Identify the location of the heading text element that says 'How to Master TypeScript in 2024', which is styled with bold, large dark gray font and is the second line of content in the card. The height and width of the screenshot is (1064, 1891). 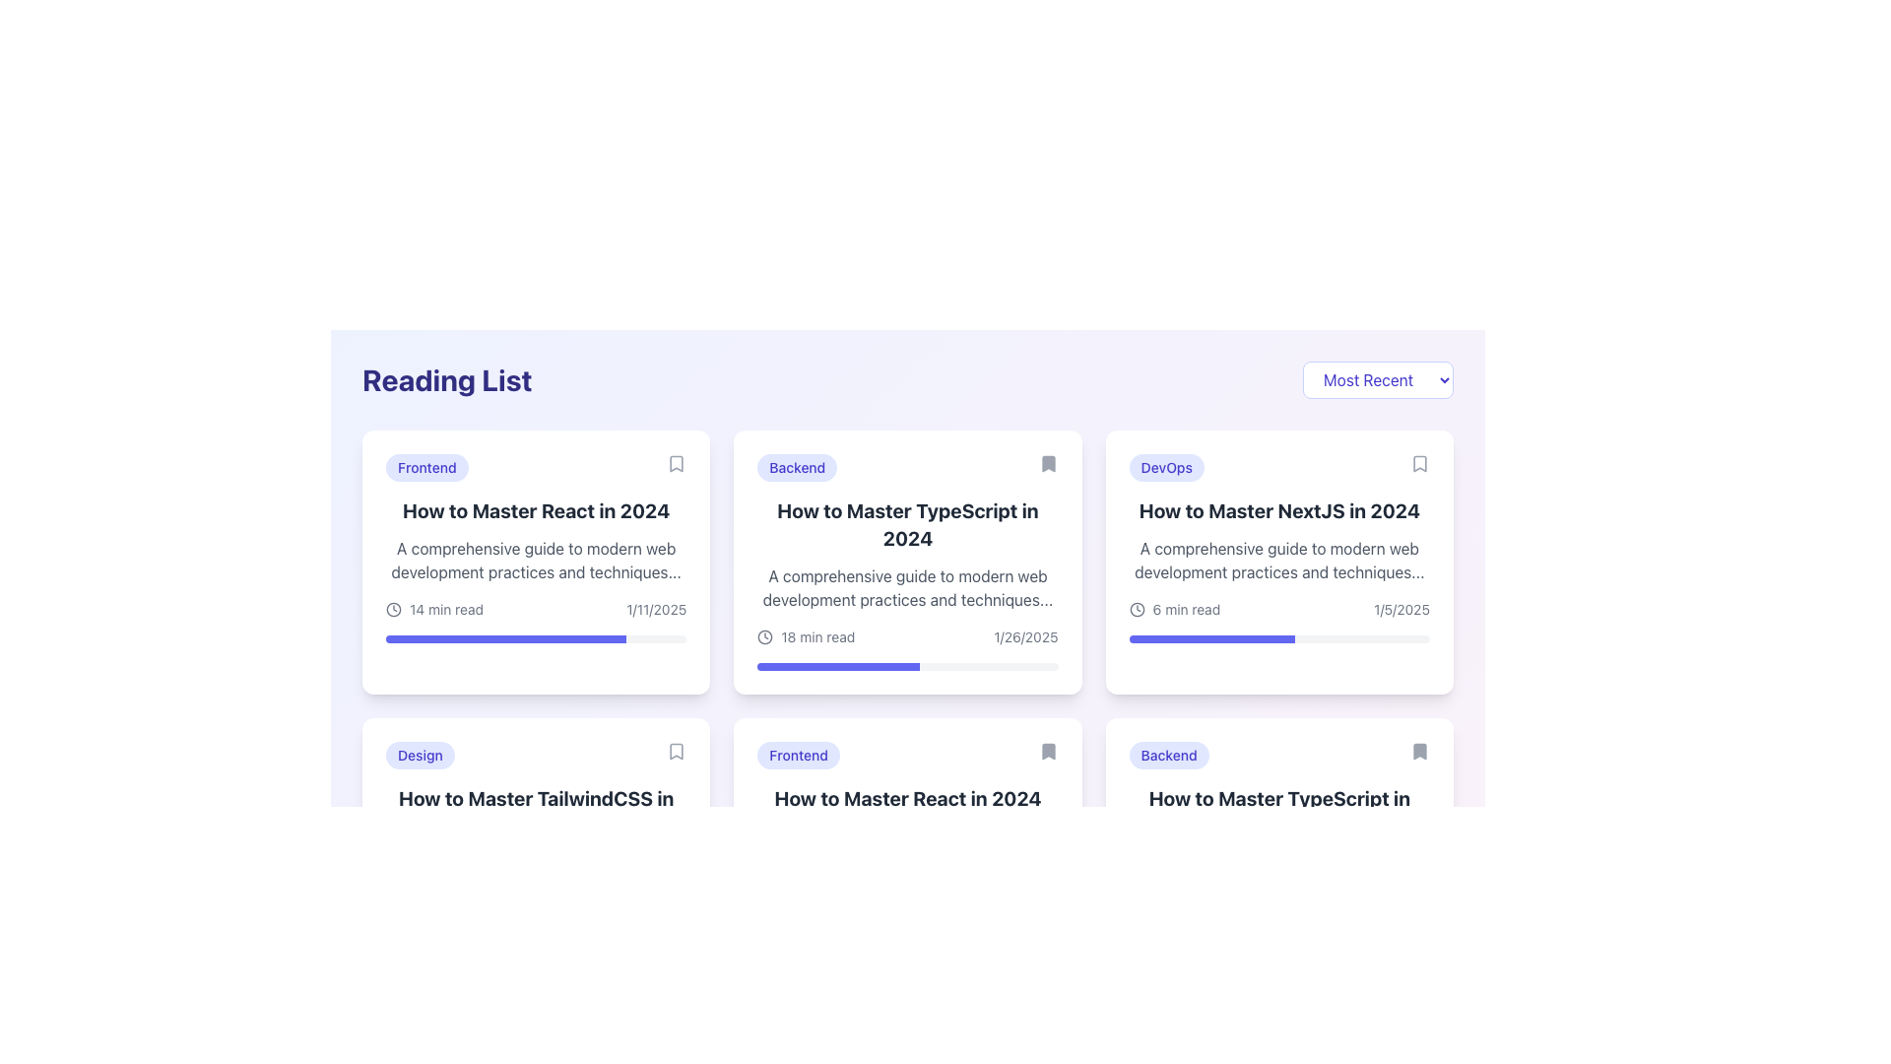
(1279, 813).